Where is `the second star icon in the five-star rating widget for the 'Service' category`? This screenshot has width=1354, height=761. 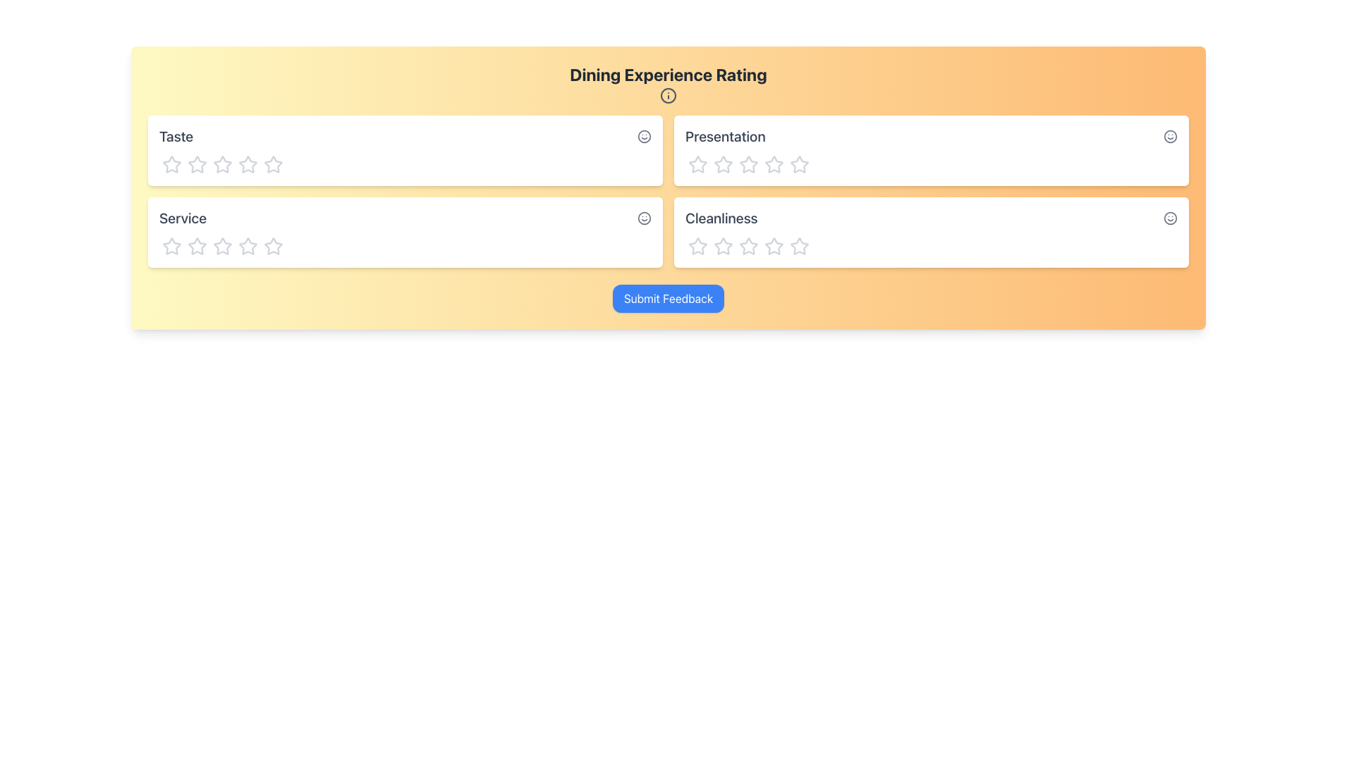
the second star icon in the five-star rating widget for the 'Service' category is located at coordinates (248, 245).